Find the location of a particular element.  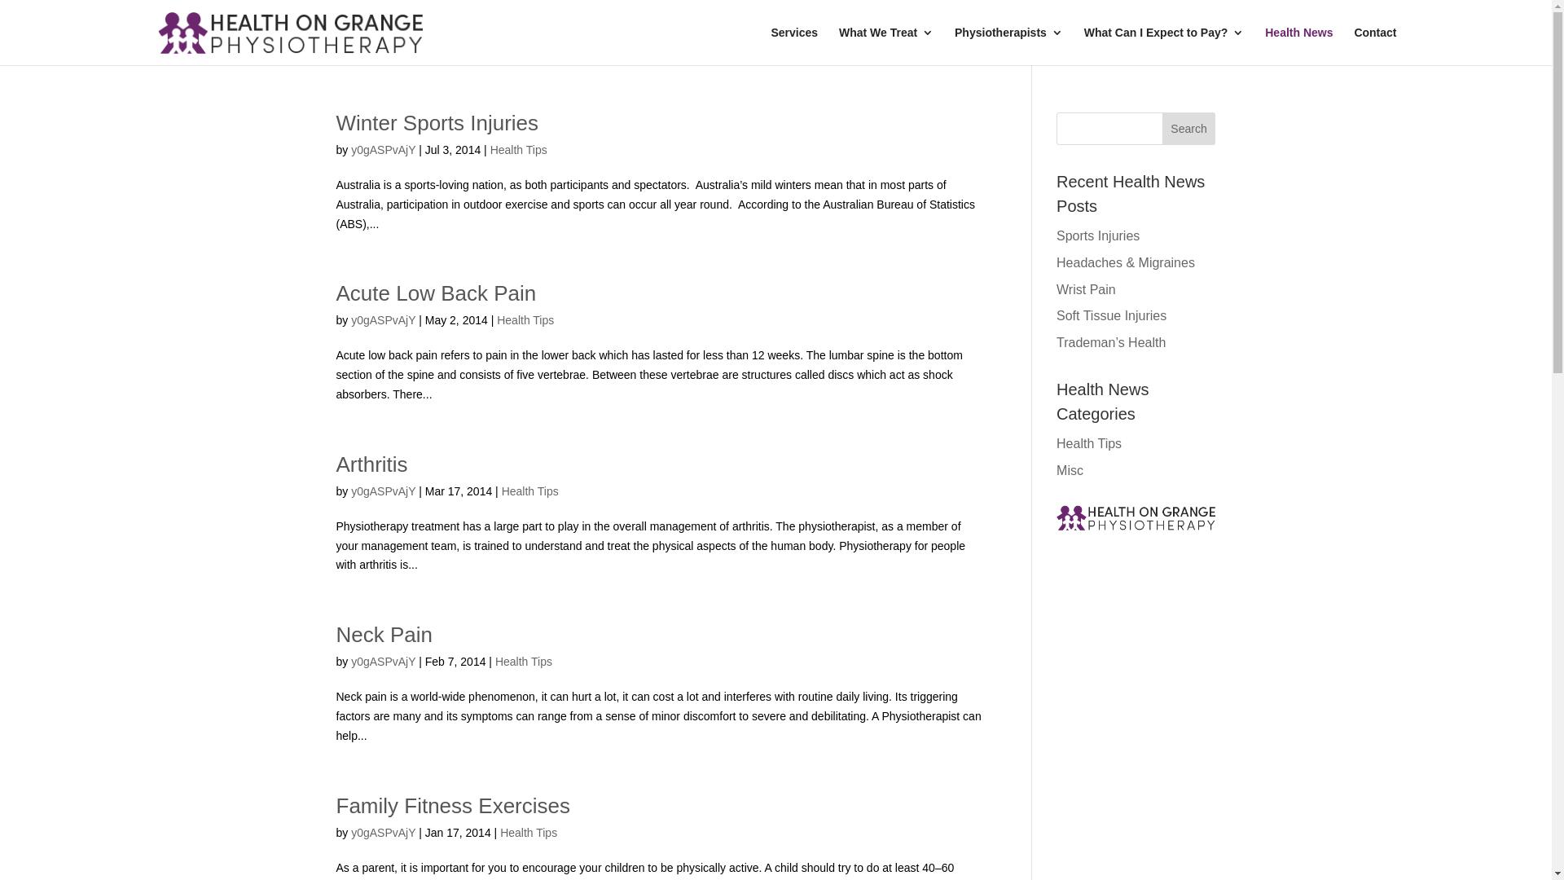

'What We Treat' is located at coordinates (885, 45).